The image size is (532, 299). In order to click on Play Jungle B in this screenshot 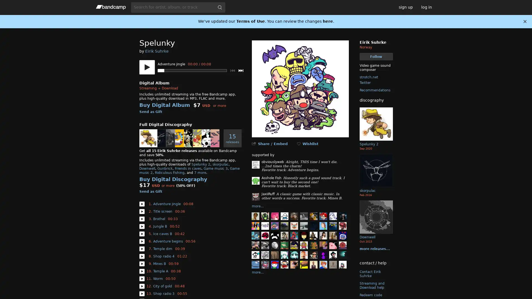, I will do `click(142, 226)`.